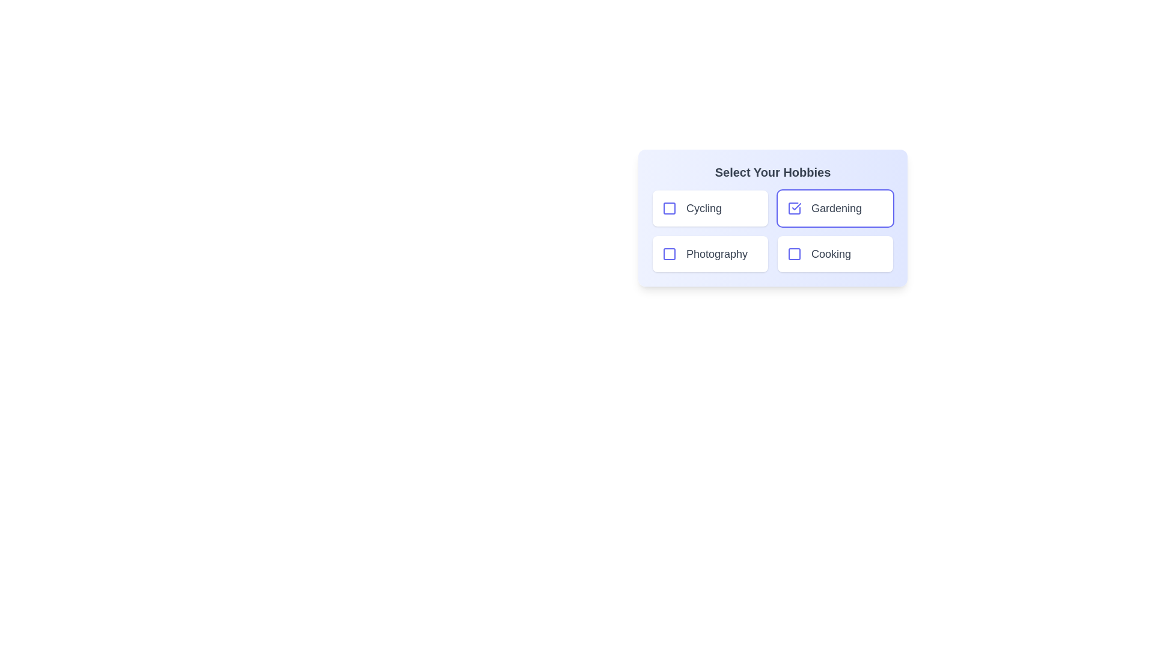 This screenshot has height=649, width=1154. Describe the element at coordinates (794, 254) in the screenshot. I see `the hobby item Cooking` at that location.